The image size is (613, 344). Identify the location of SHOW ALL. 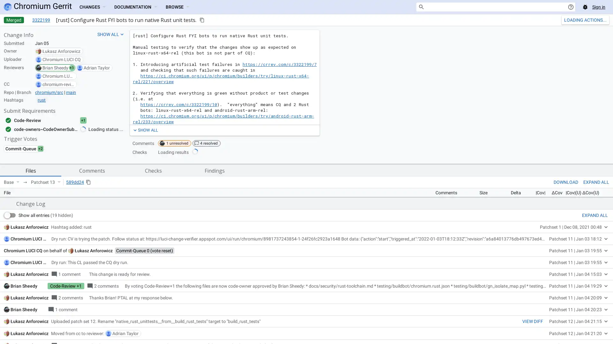
(145, 130).